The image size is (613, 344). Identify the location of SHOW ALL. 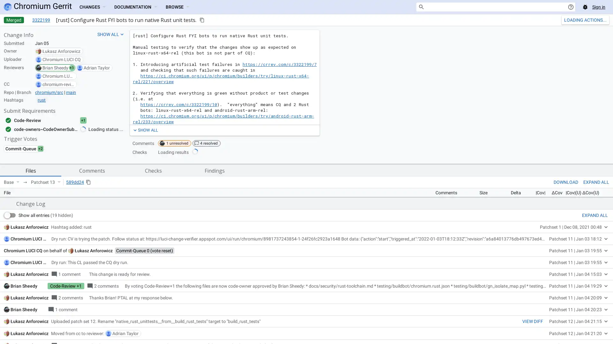
(145, 130).